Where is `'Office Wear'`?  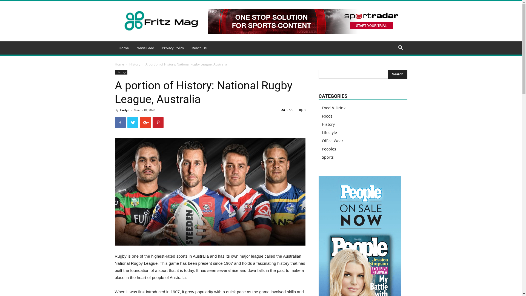 'Office Wear' is located at coordinates (332, 140).